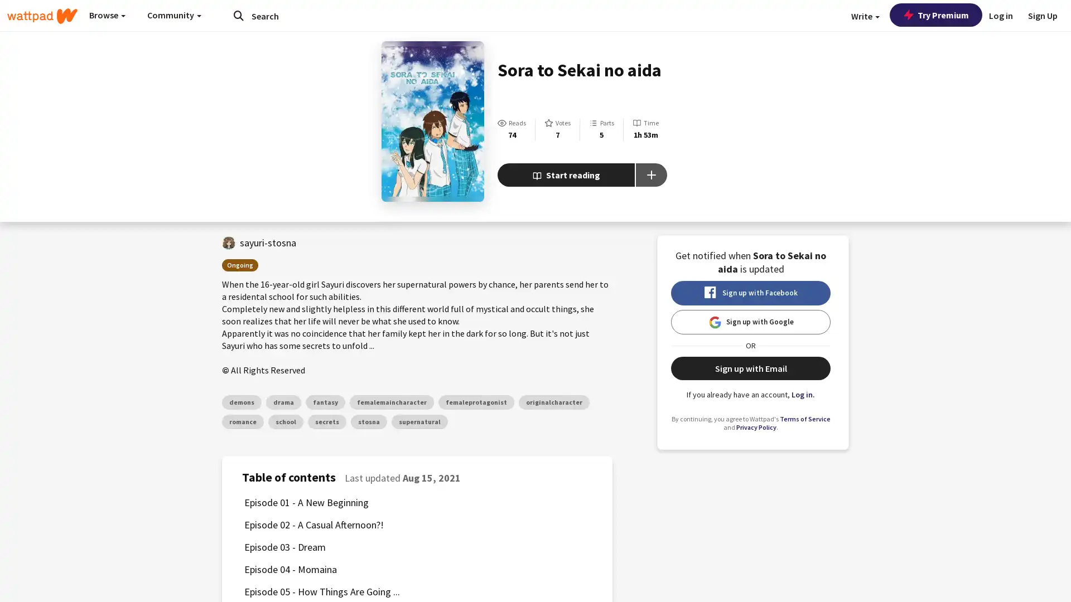  What do you see at coordinates (865, 16) in the screenshot?
I see `Write` at bounding box center [865, 16].